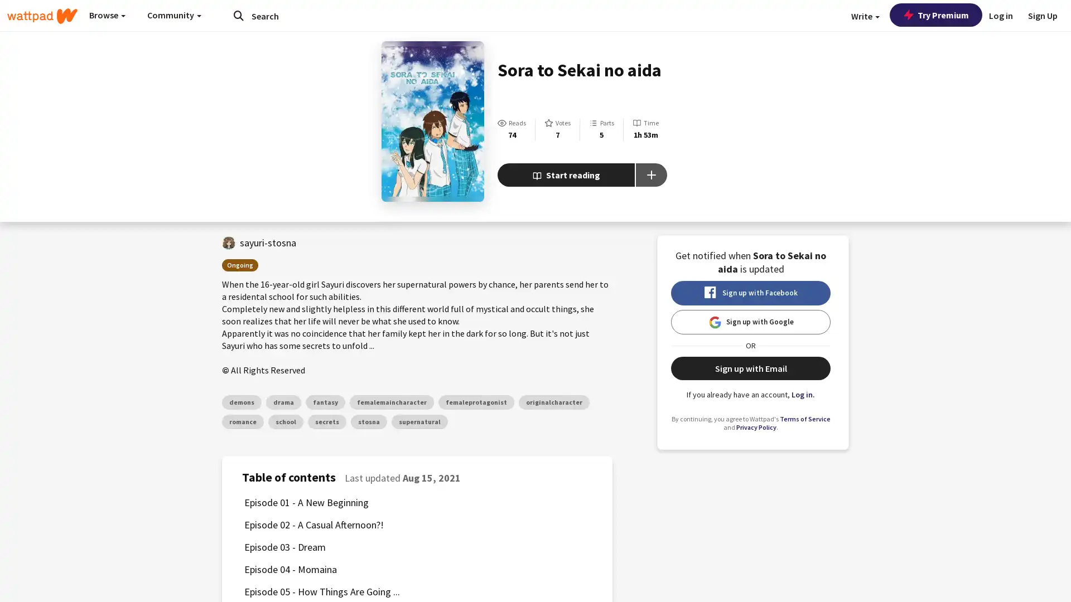  What do you see at coordinates (865, 16) in the screenshot?
I see `Write` at bounding box center [865, 16].